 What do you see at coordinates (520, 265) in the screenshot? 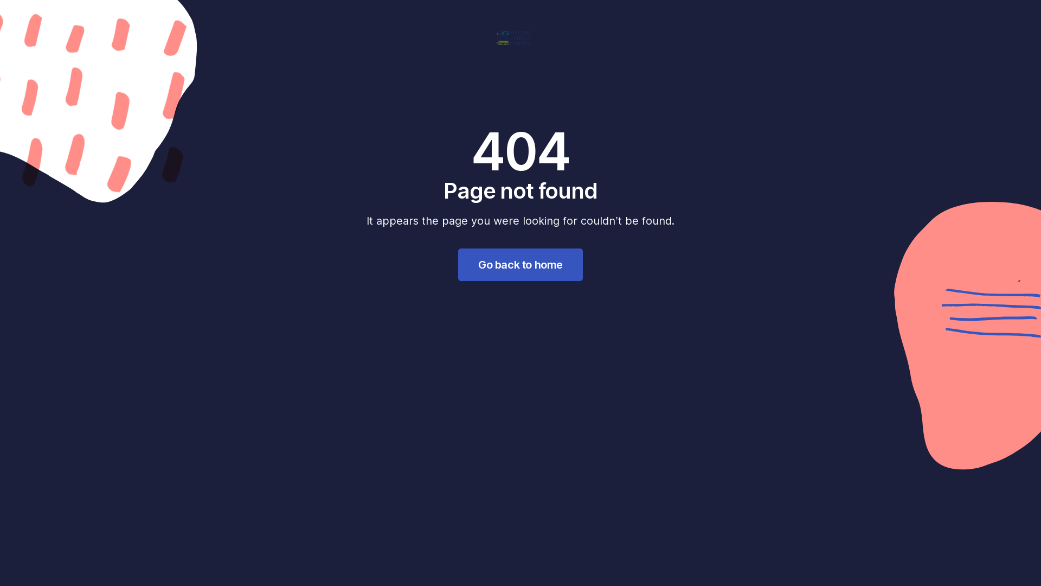
I see `'Go back to home'` at bounding box center [520, 265].